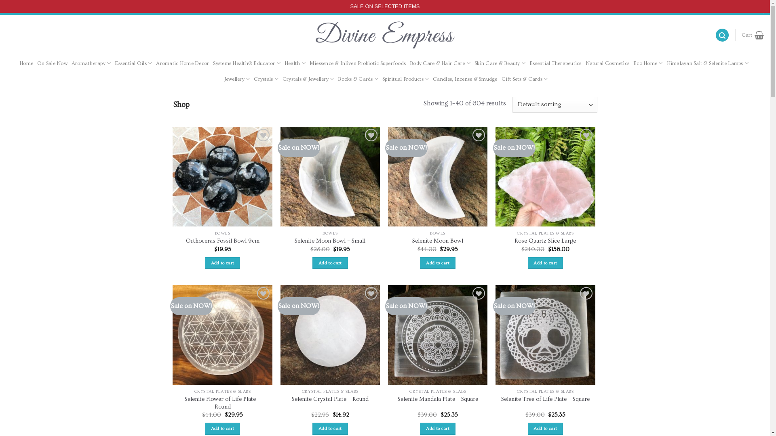 The height and width of the screenshot is (436, 776). What do you see at coordinates (133, 63) in the screenshot?
I see `'Essential Oils'` at bounding box center [133, 63].